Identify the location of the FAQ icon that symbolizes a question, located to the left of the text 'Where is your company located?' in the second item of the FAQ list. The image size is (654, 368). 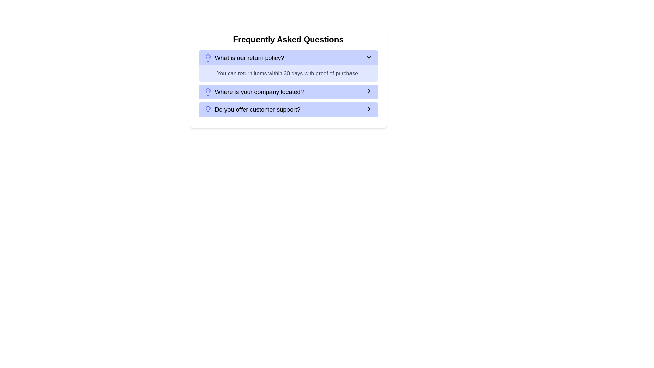
(207, 92).